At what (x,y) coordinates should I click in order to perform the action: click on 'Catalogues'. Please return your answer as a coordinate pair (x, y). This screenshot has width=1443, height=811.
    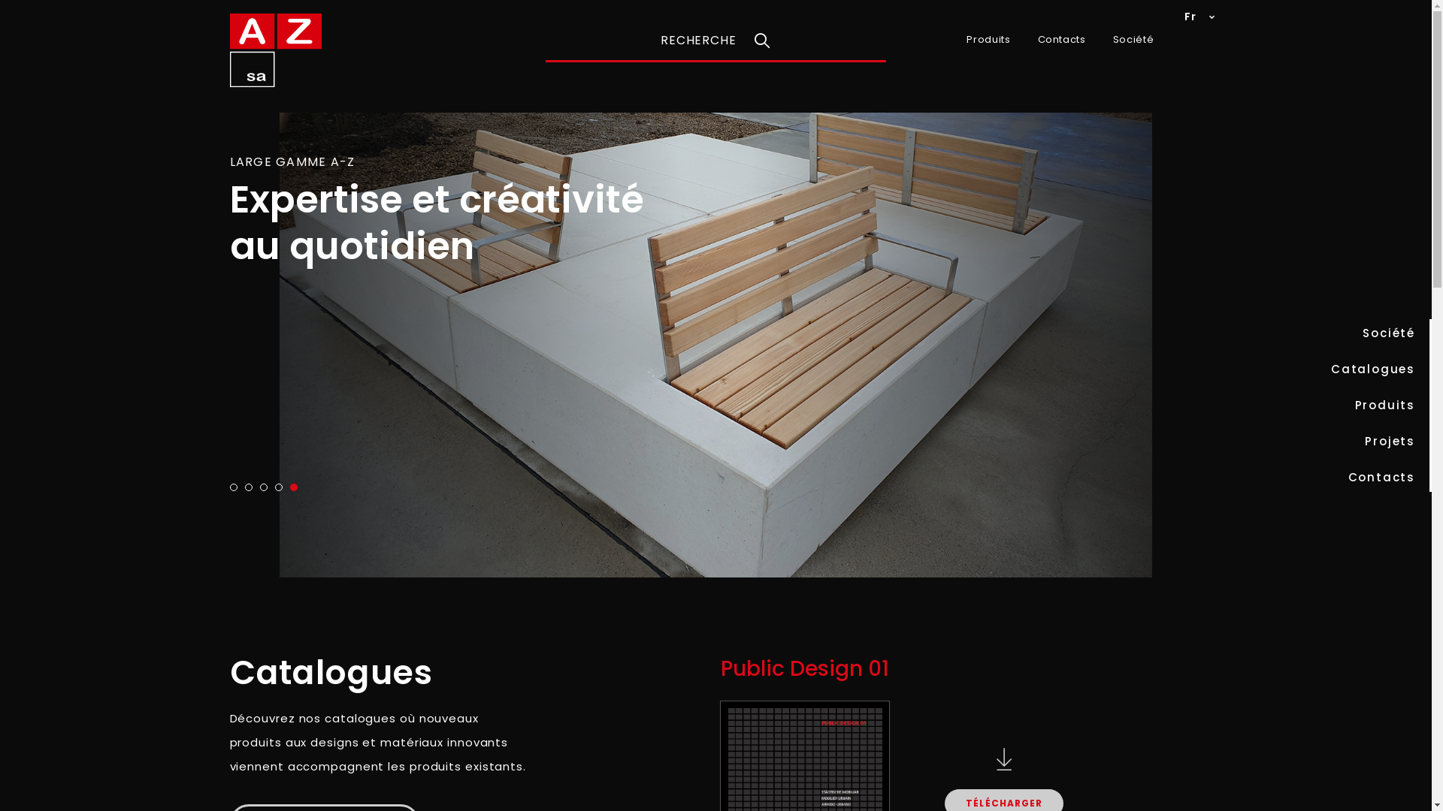
    Looking at the image, I should click on (1373, 369).